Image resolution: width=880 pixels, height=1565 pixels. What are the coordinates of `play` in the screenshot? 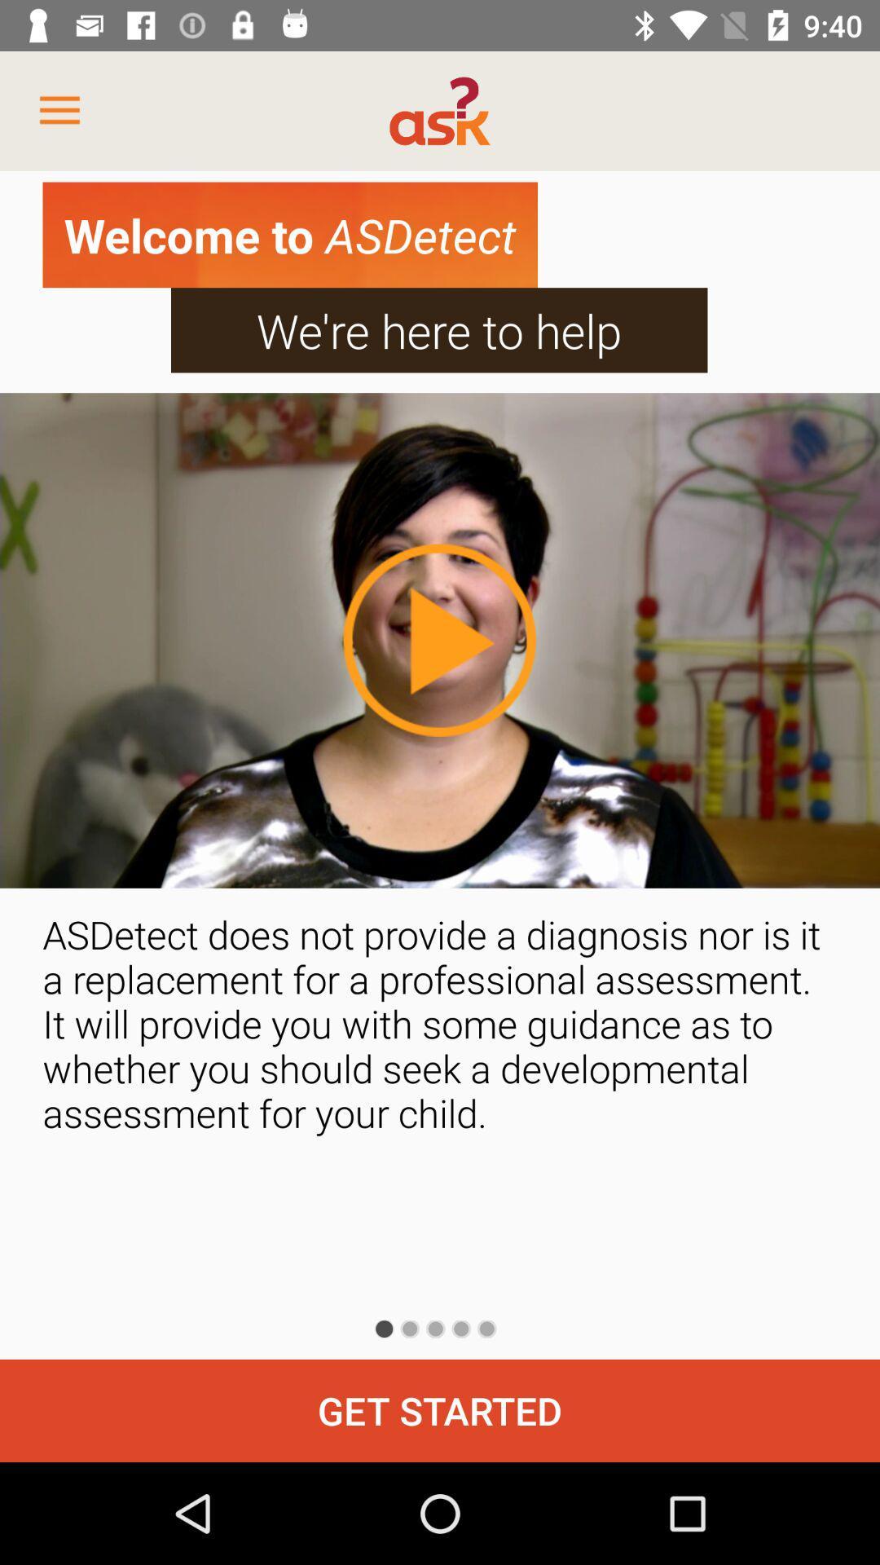 It's located at (438, 639).